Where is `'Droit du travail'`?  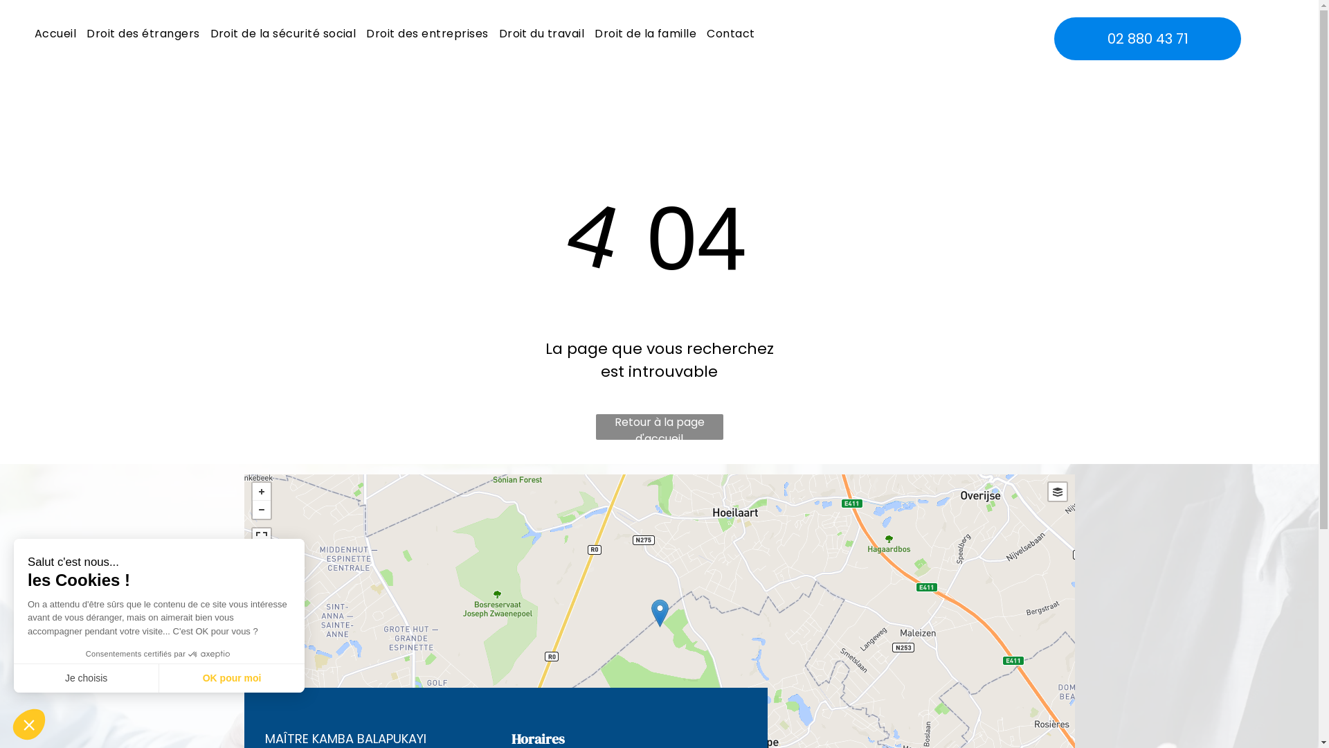 'Droit du travail' is located at coordinates (539, 33).